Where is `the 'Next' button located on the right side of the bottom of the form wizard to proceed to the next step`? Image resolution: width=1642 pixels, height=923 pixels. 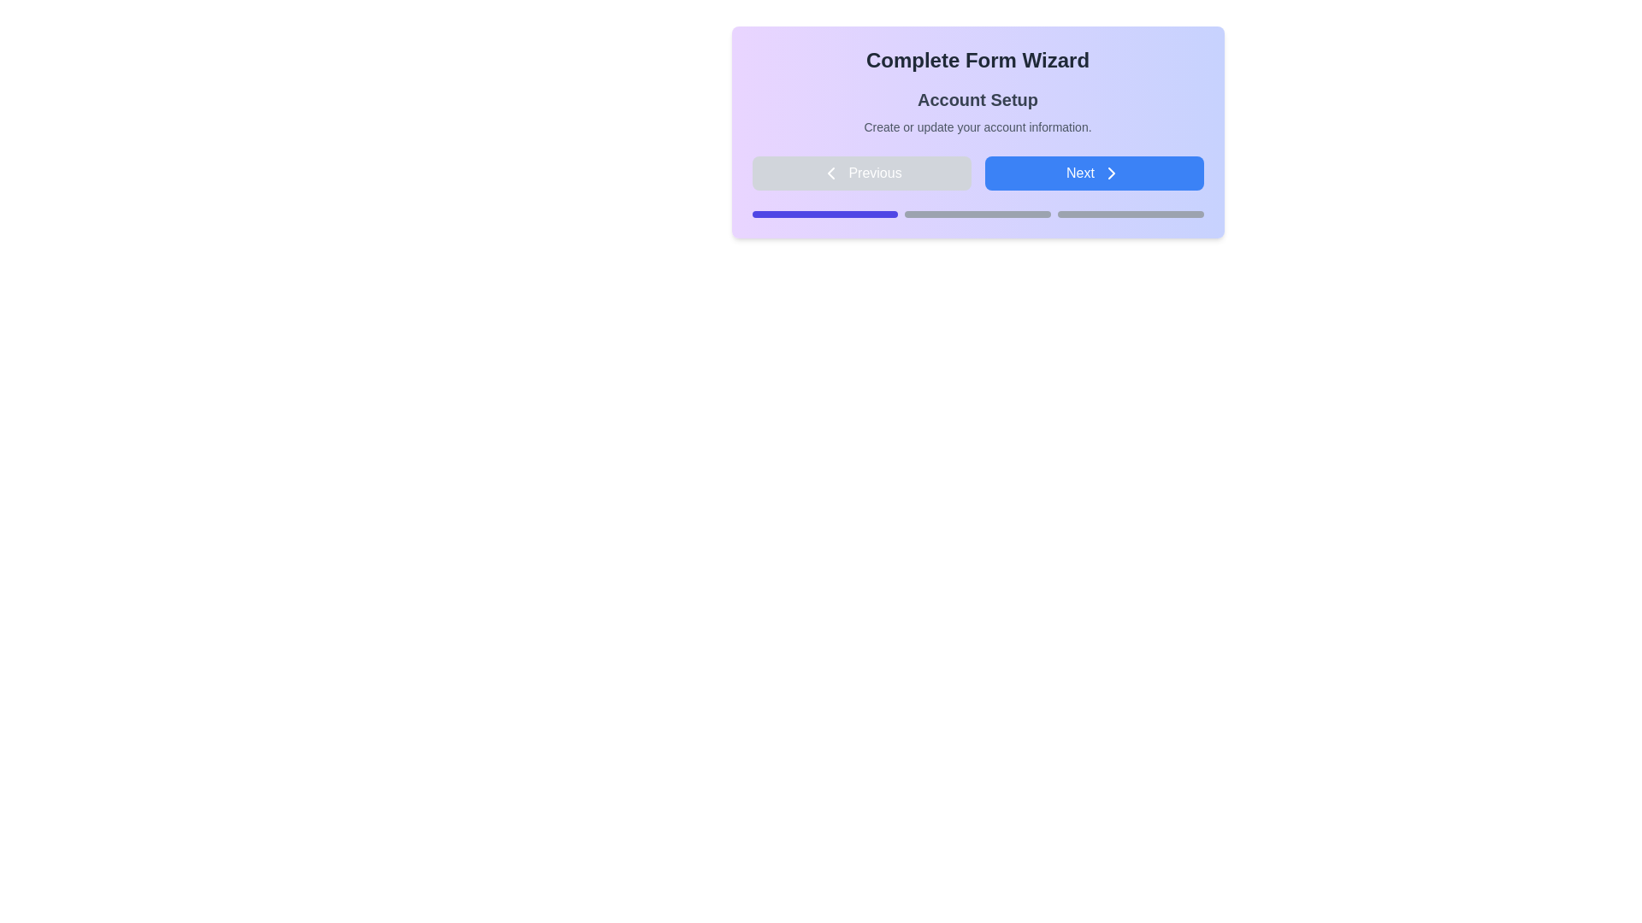
the 'Next' button located on the right side of the bottom of the form wizard to proceed to the next step is located at coordinates (1093, 173).